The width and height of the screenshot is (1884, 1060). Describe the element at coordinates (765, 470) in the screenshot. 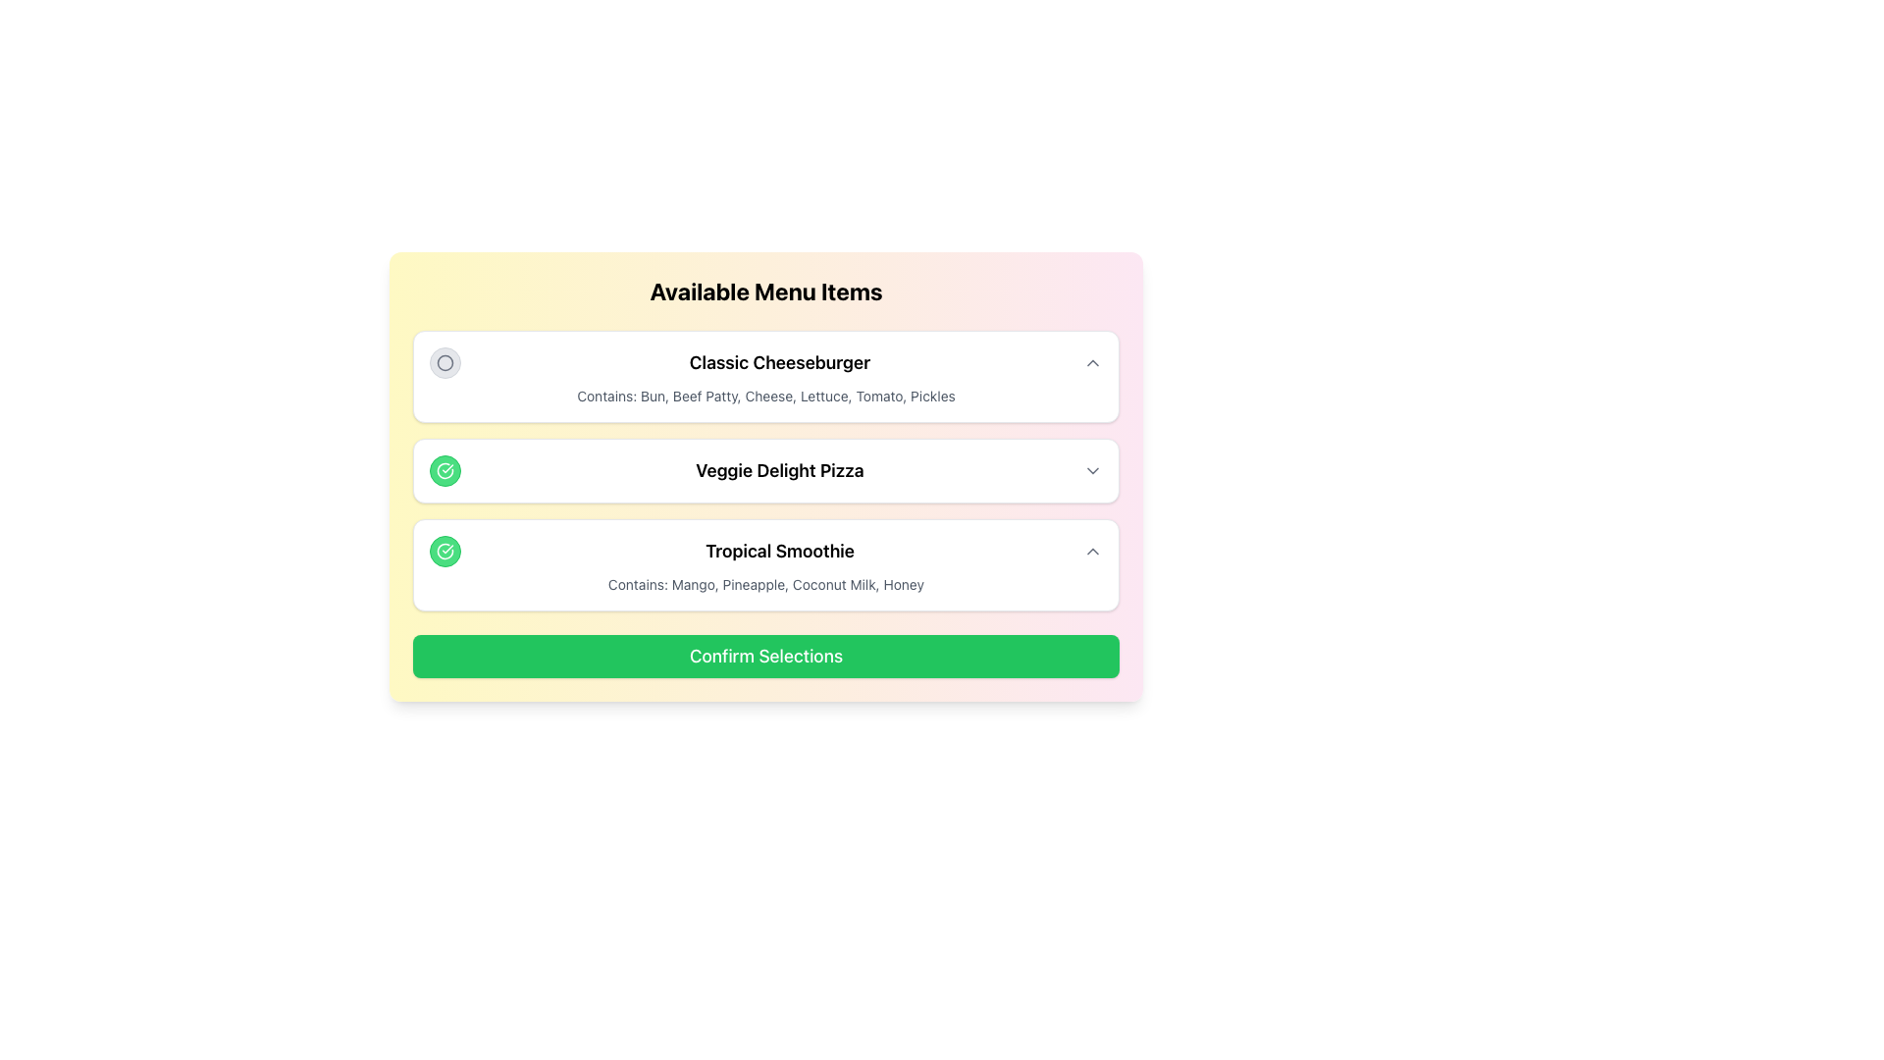

I see `the 'Veggie Delight Pizza' selectable item` at that location.